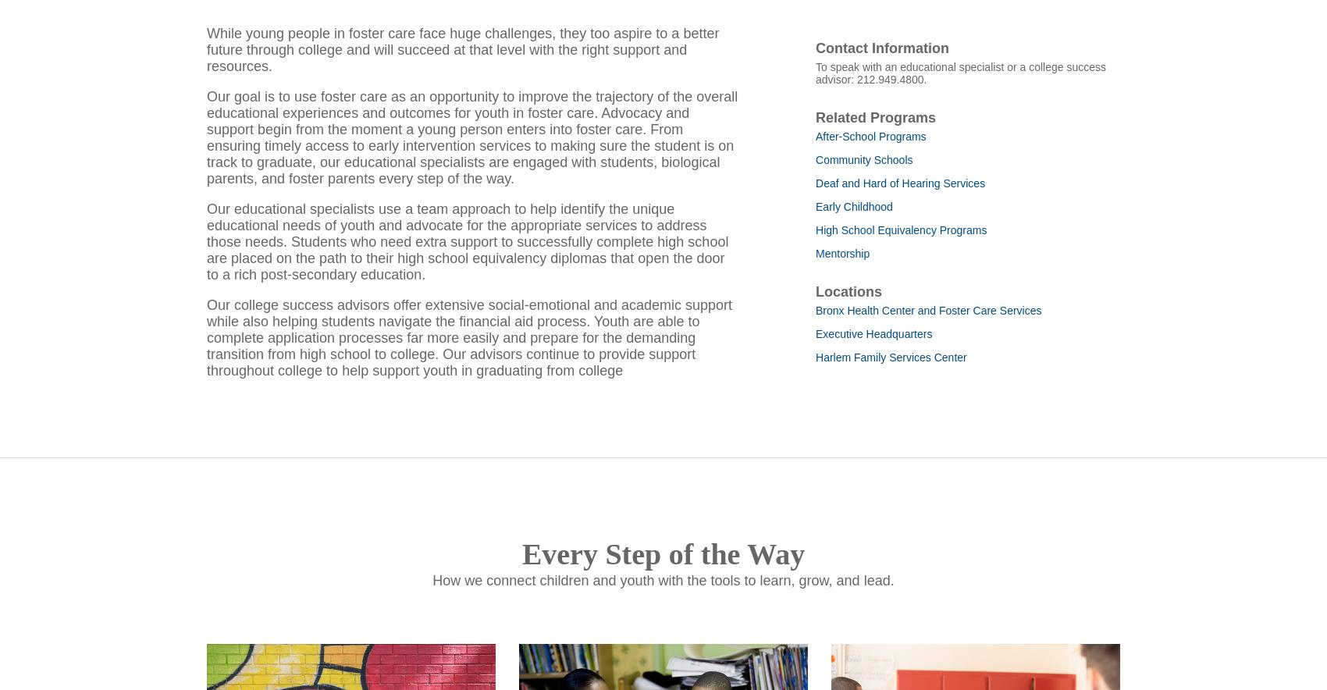 The height and width of the screenshot is (690, 1327). I want to click on 'How we connect children and youth with the tools to learn, grow, and lead.', so click(662, 600).